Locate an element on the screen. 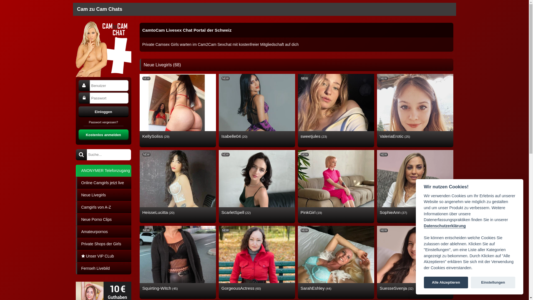 The image size is (533, 300). 'Camgirls von A-Z' is located at coordinates (75, 207).